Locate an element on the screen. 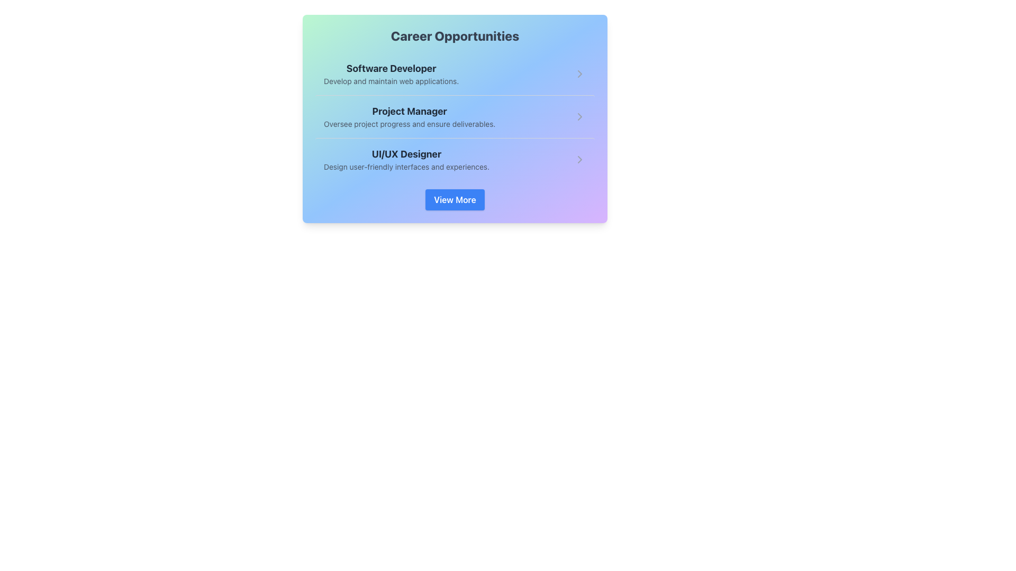  the job description for the 'Project Manager' opportunity, which is the second item in the job listing card is located at coordinates (455, 118).